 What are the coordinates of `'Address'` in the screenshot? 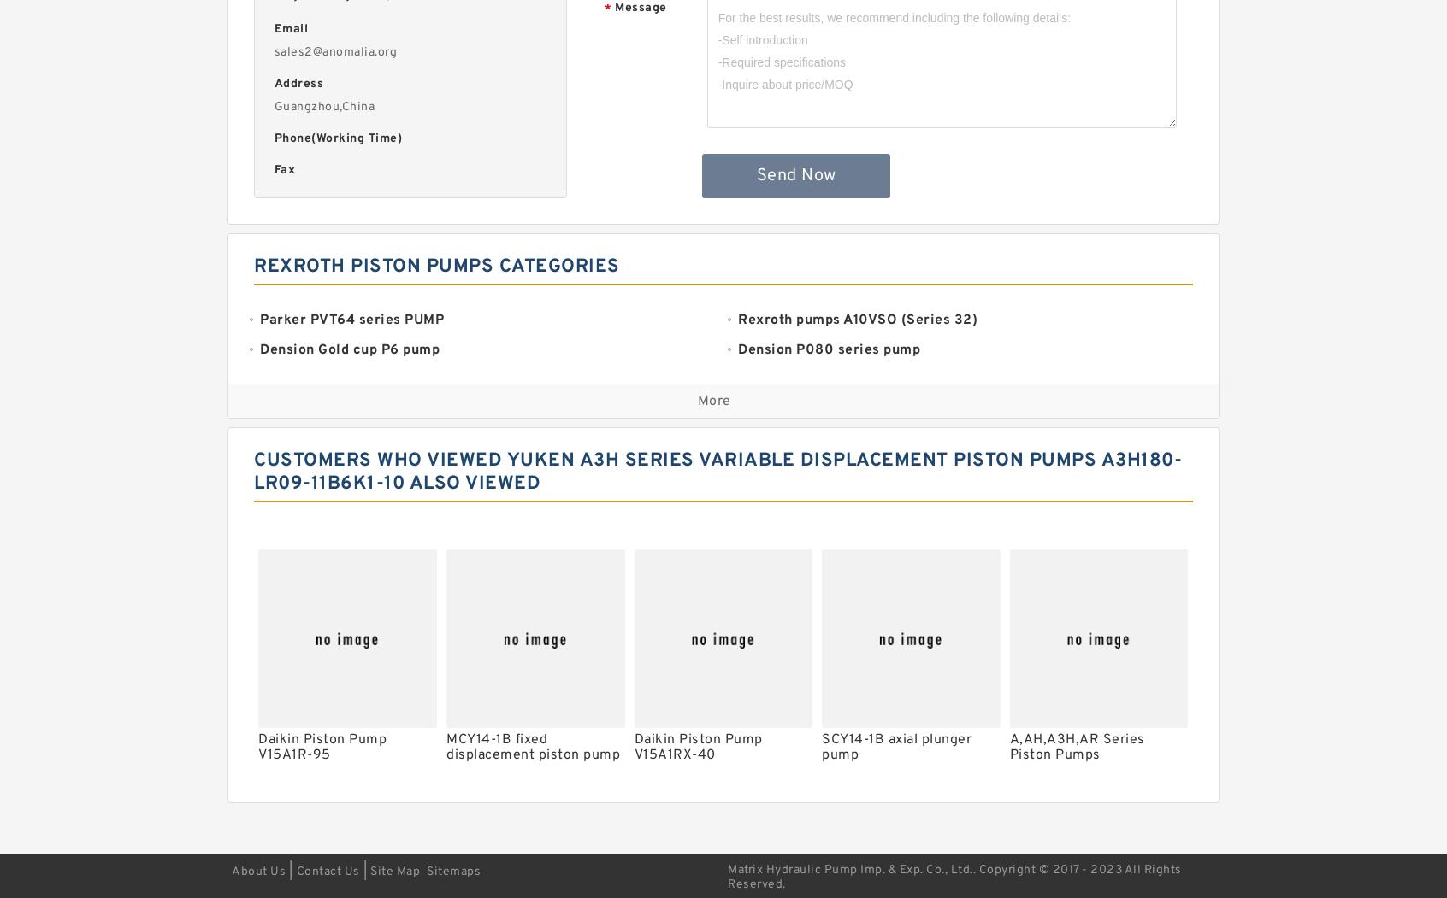 It's located at (298, 84).